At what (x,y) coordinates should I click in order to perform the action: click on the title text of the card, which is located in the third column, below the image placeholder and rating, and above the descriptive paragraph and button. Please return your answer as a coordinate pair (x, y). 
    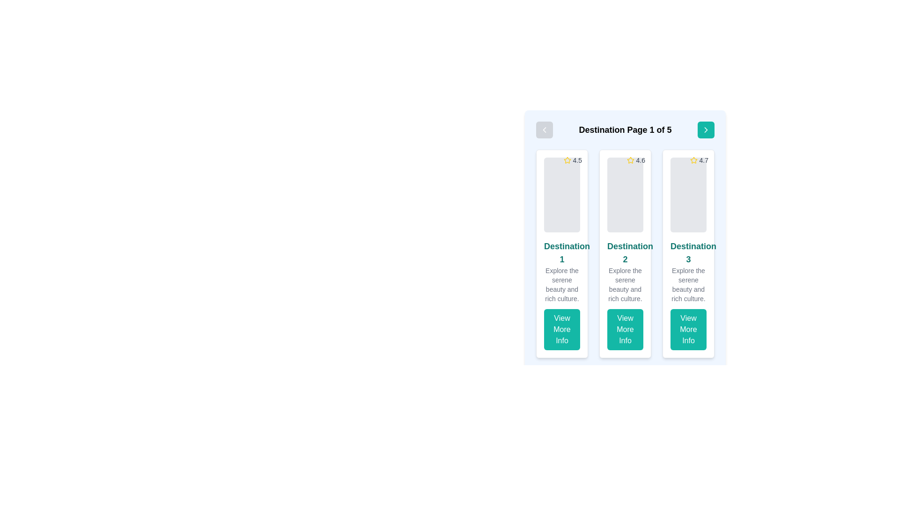
    Looking at the image, I should click on (688, 252).